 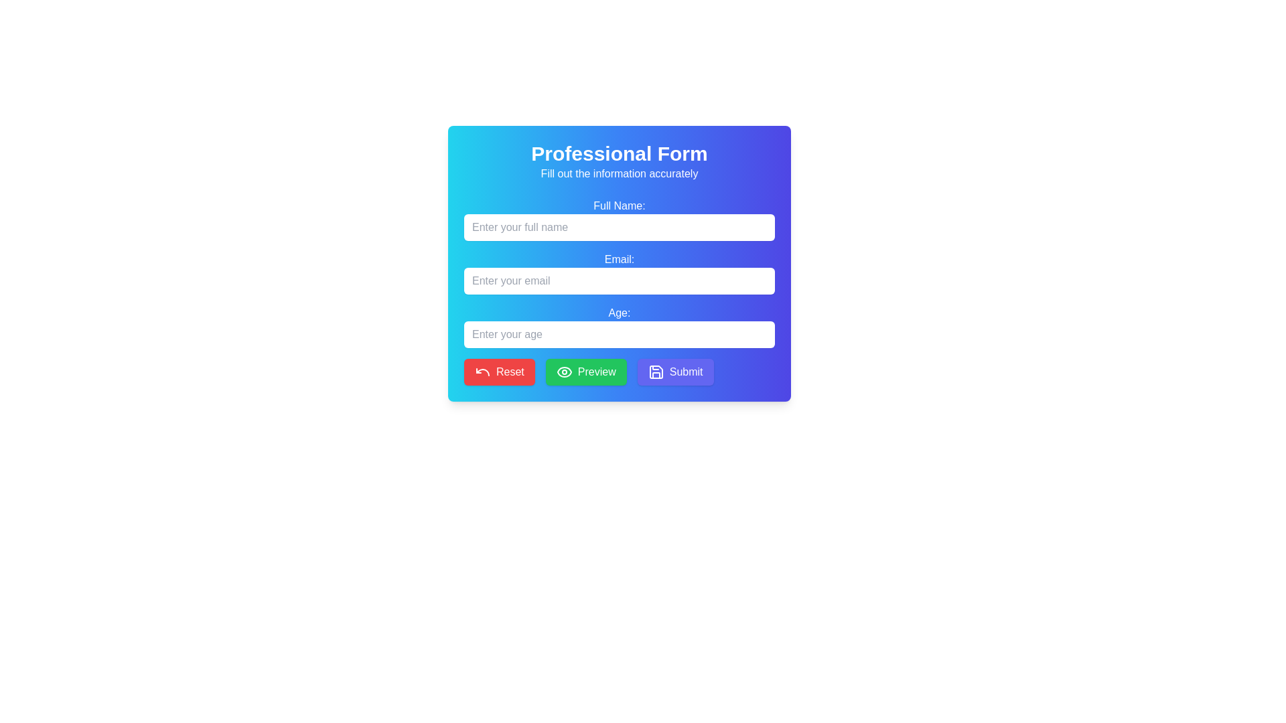 I want to click on the text label indicating the user's age in the central section of the form, which is positioned above the associated input field for age entry, so click(x=619, y=313).